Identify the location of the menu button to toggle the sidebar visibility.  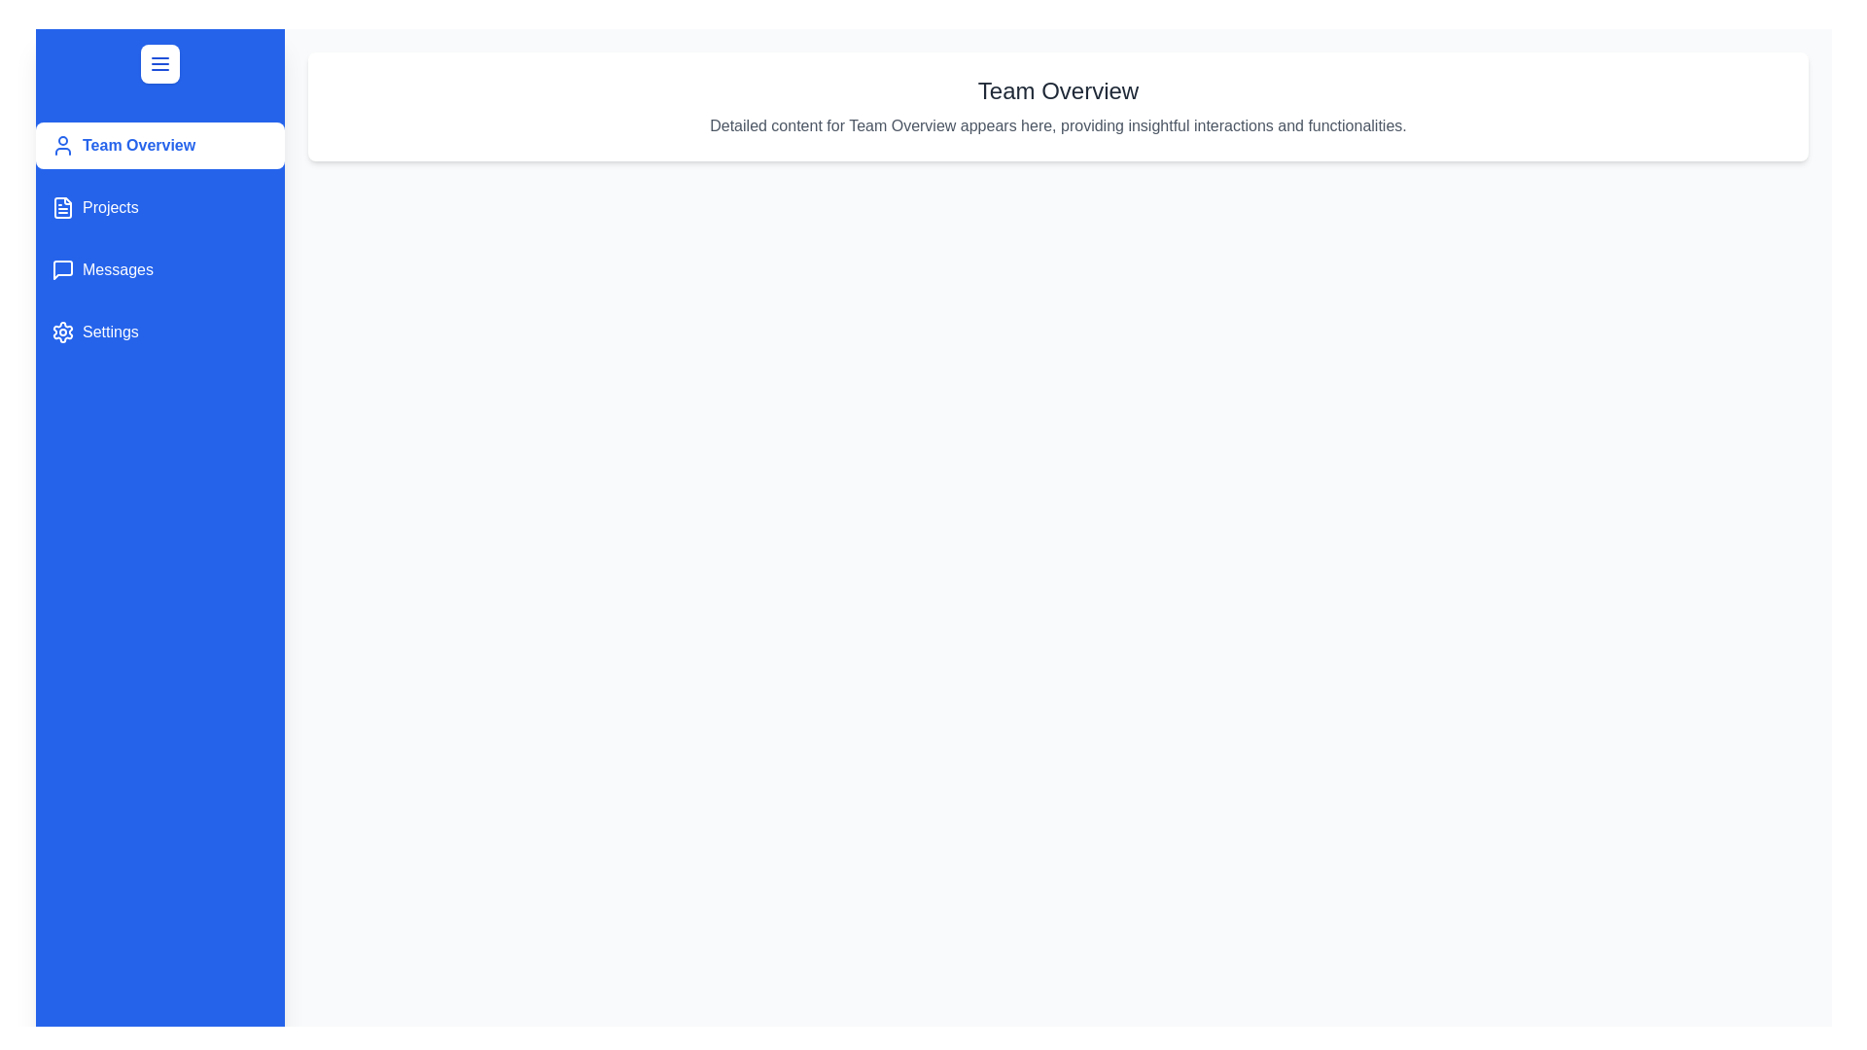
(159, 62).